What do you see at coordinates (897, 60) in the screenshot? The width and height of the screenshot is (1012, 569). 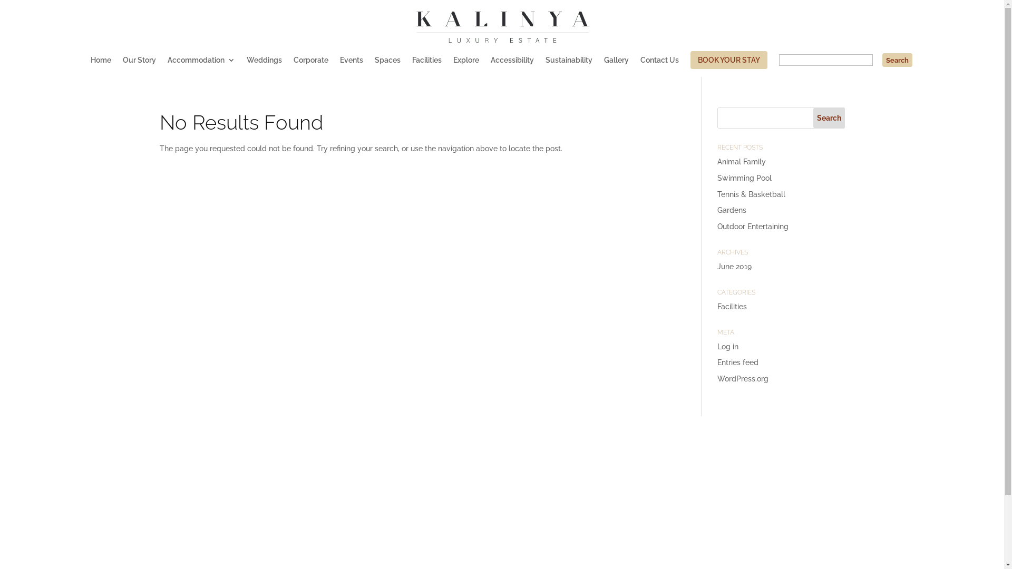 I see `'Search'` at bounding box center [897, 60].